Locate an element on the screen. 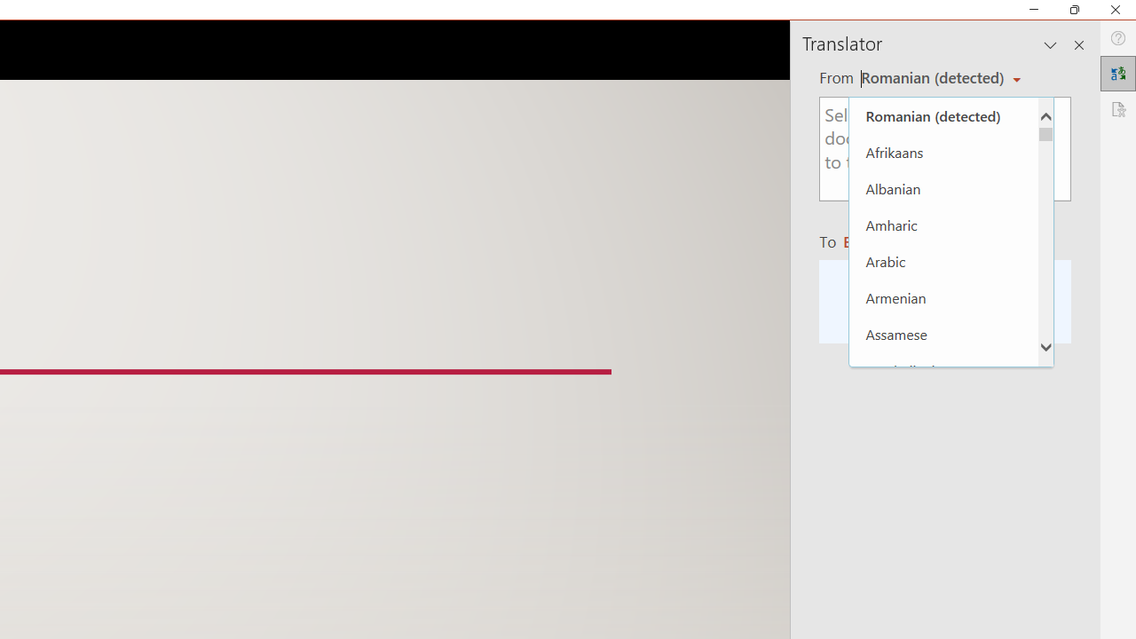 The width and height of the screenshot is (1136, 639). 'Bhojpuri' is located at coordinates (943, 516).